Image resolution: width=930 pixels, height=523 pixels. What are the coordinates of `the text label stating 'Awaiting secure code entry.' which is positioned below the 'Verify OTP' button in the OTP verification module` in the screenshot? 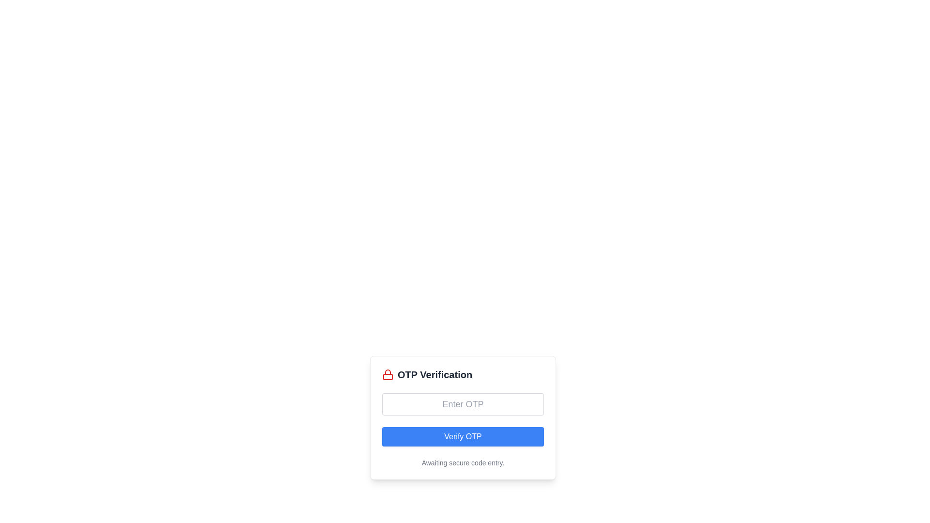 It's located at (462, 462).